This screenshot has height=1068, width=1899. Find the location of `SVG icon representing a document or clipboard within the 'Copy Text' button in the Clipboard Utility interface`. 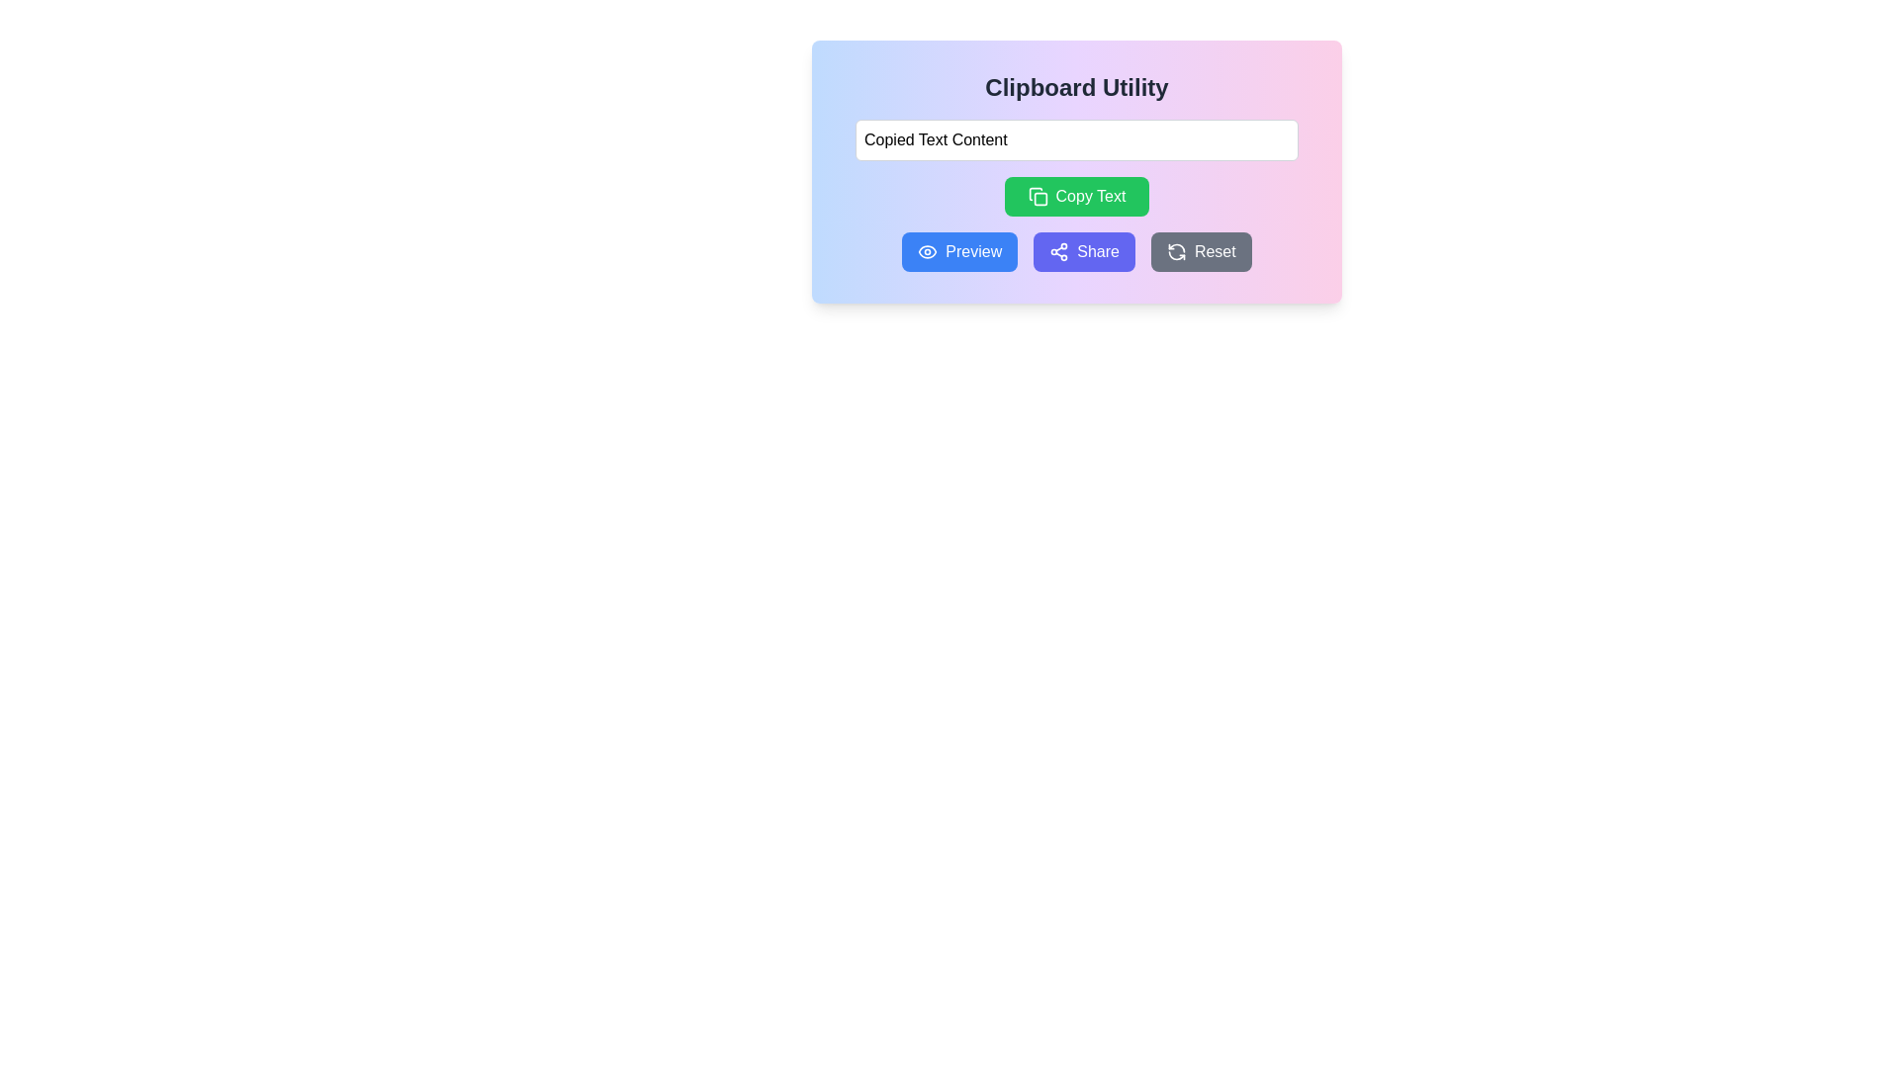

SVG icon representing a document or clipboard within the 'Copy Text' button in the Clipboard Utility interface is located at coordinates (1034, 194).